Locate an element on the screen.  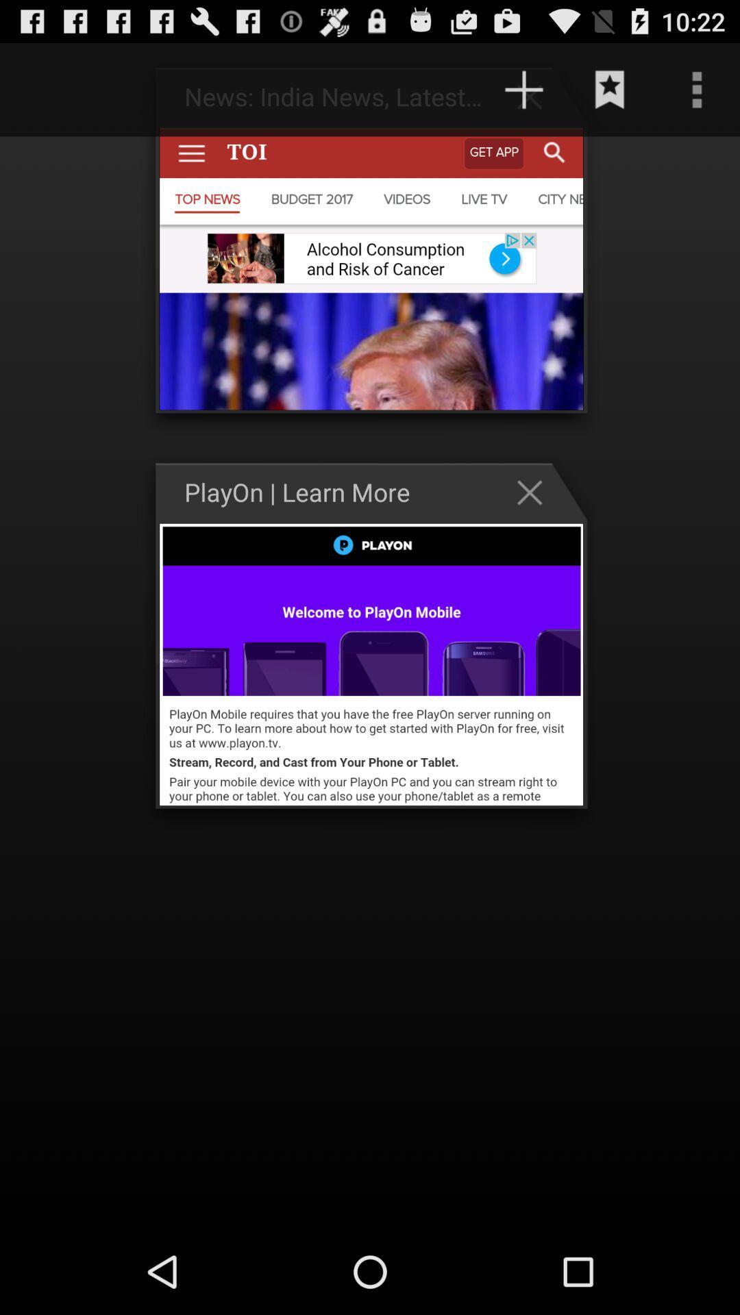
app above the playon | learn more is located at coordinates (523, 89).